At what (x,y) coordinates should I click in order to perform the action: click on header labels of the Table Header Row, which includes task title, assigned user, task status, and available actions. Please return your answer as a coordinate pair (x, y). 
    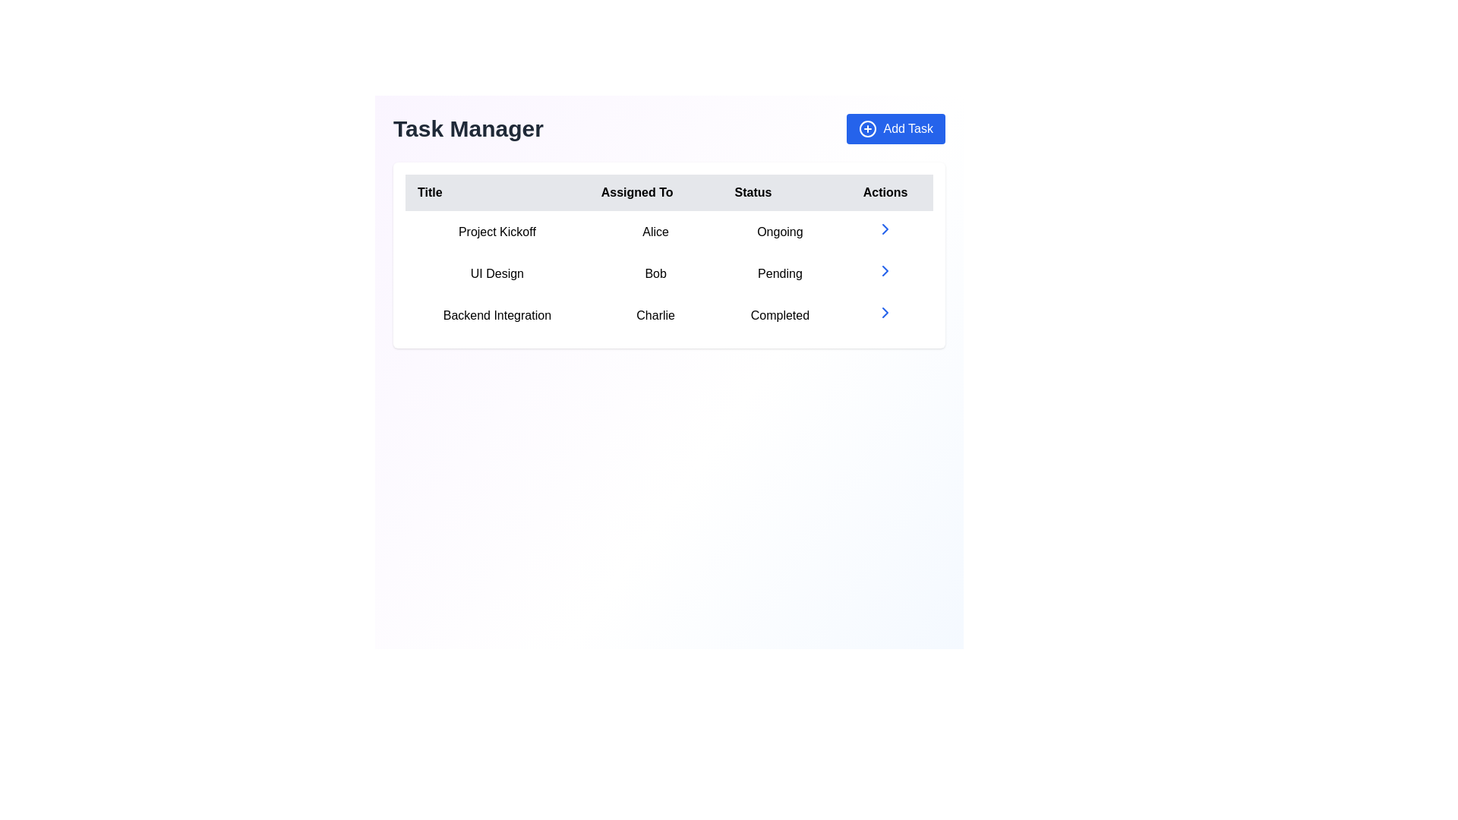
    Looking at the image, I should click on (668, 192).